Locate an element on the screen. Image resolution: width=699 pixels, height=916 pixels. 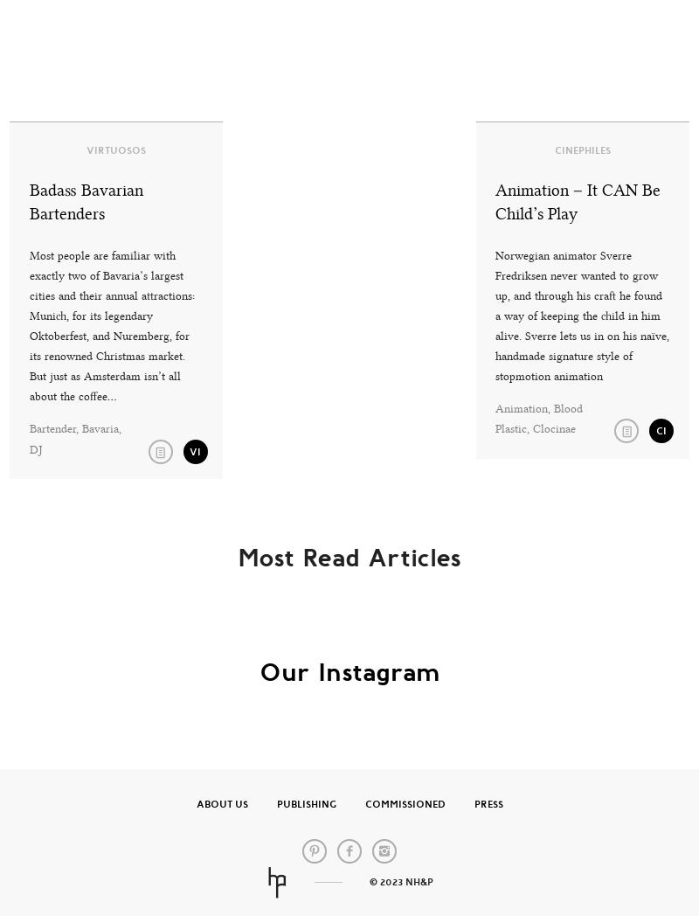
'Most Read Articles' is located at coordinates (349, 557).